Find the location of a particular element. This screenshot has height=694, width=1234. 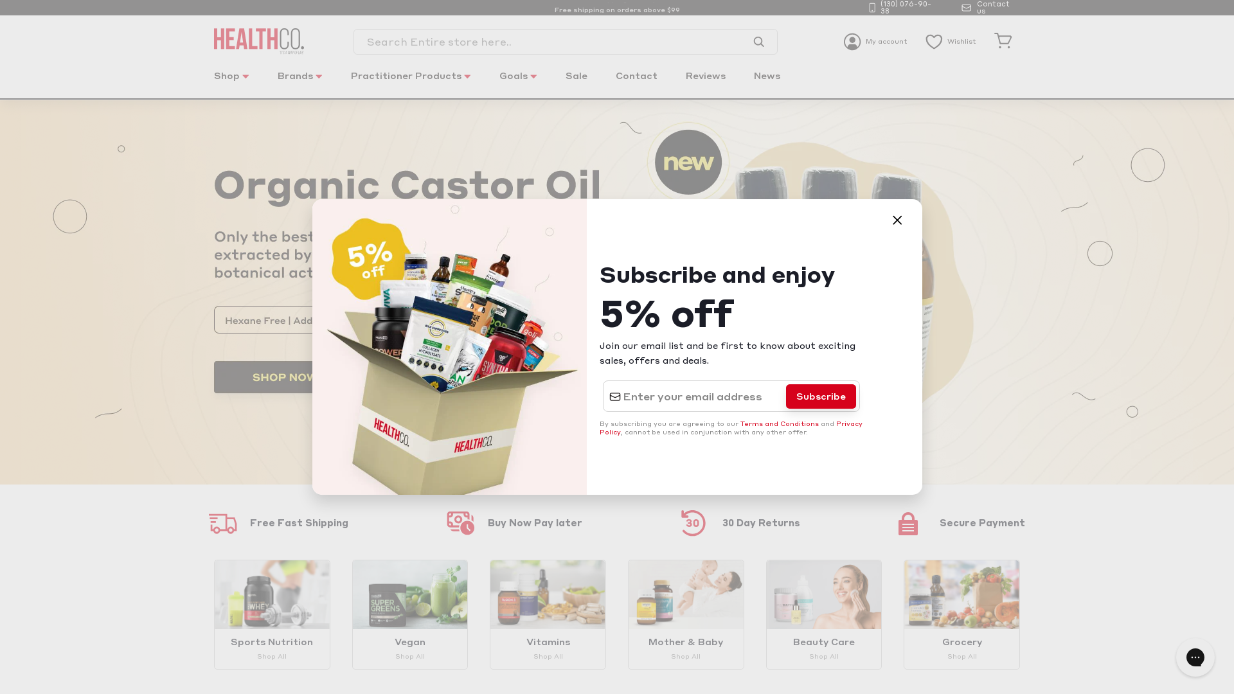

'Terms and Conditions' is located at coordinates (779, 423).